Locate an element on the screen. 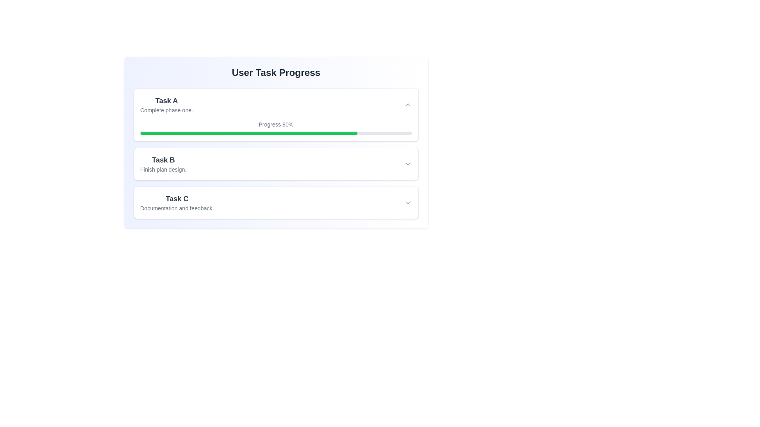 The height and width of the screenshot is (427, 760). the dropdown toggle icon button located at the far-right side of the 'Task C' row is located at coordinates (408, 202).